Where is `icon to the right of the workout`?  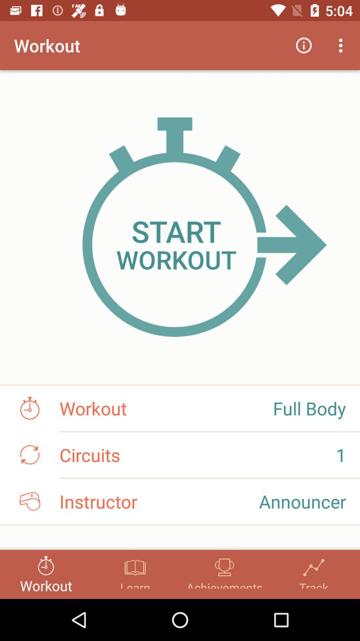
icon to the right of the workout is located at coordinates (304, 45).